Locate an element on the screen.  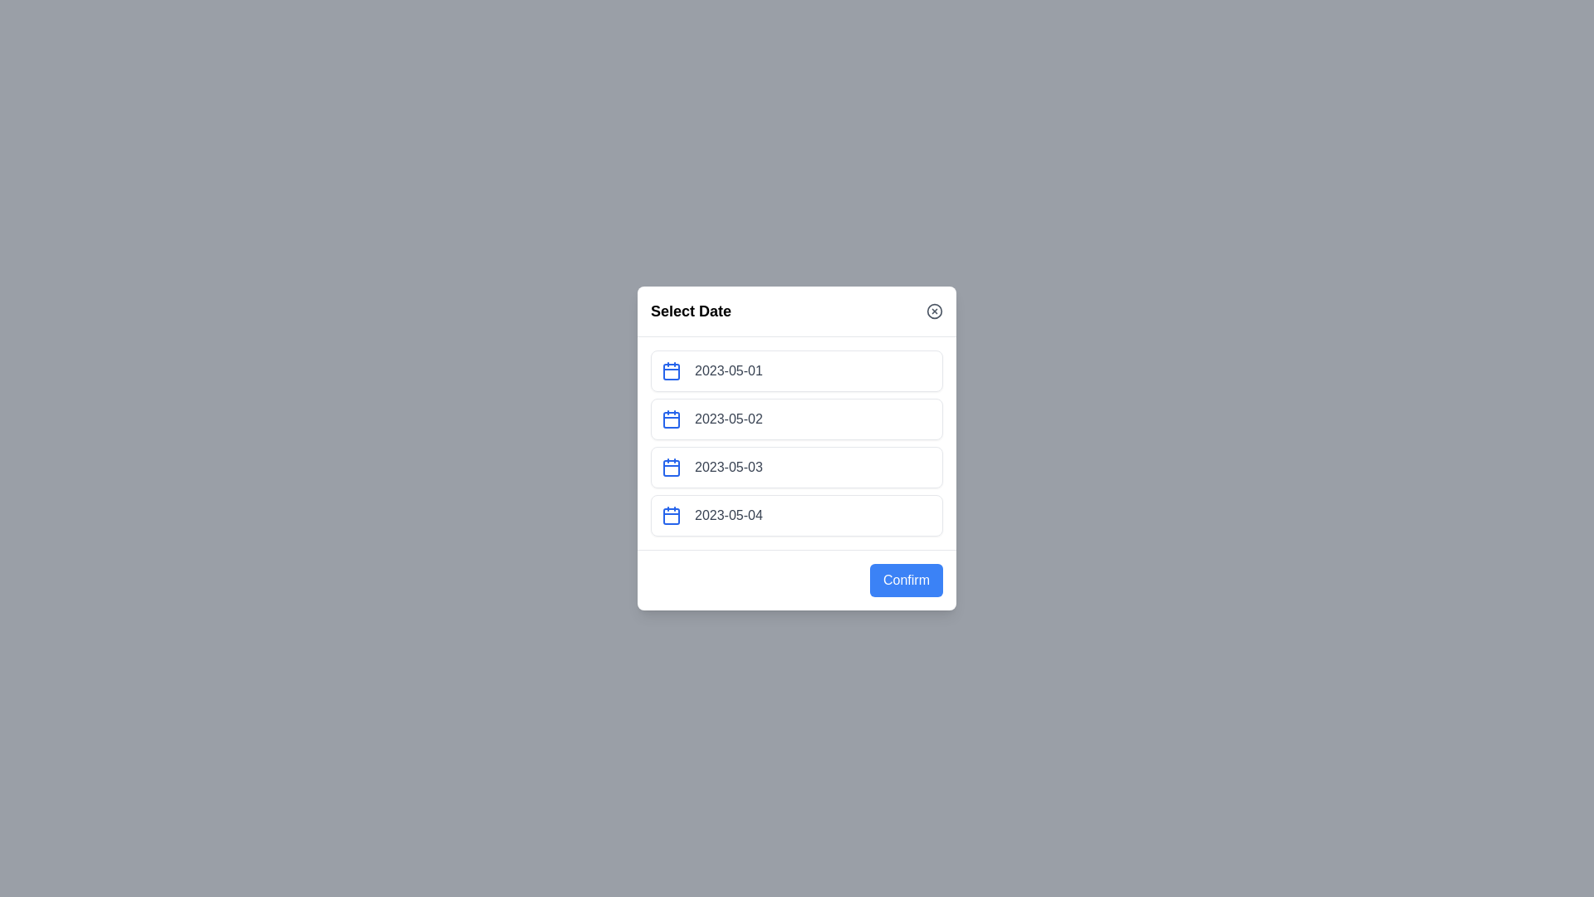
the calendar icon next to the date 2023-05-01 is located at coordinates (672, 370).